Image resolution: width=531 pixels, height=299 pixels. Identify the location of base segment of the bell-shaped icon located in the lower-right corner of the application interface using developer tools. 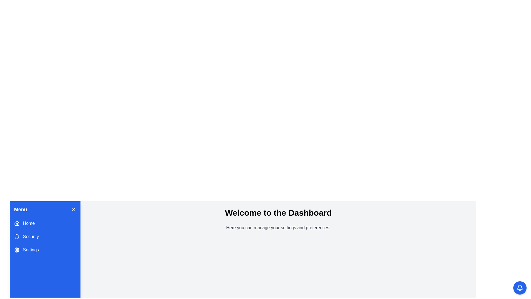
(520, 287).